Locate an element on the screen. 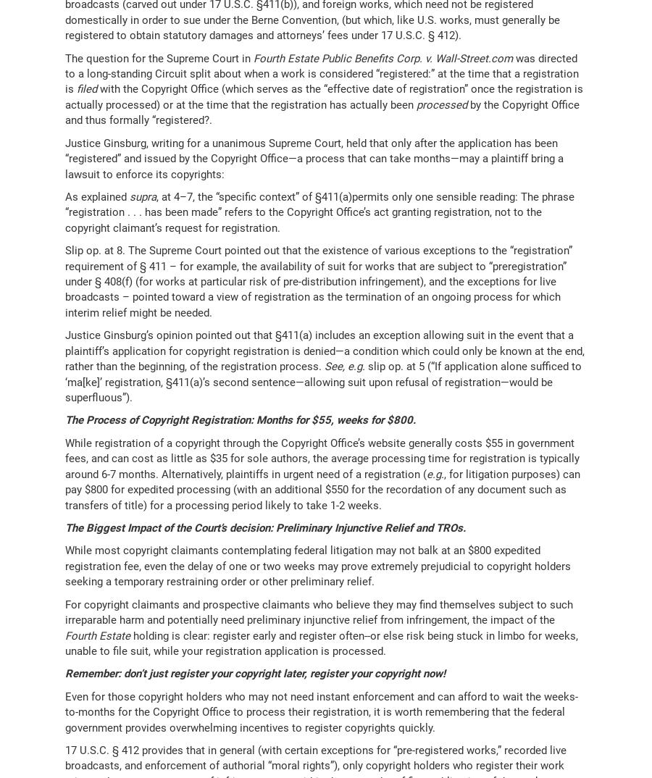 The width and height of the screenshot is (652, 778). 'Justice Ginsburg’s opinion pointed out that §411(a) includes an exception allowing suit in the event that a plaintiff’s application for copyright registration is denied—a condition which could only be known at the end, rather than the beginning, of the registration process.' is located at coordinates (325, 351).